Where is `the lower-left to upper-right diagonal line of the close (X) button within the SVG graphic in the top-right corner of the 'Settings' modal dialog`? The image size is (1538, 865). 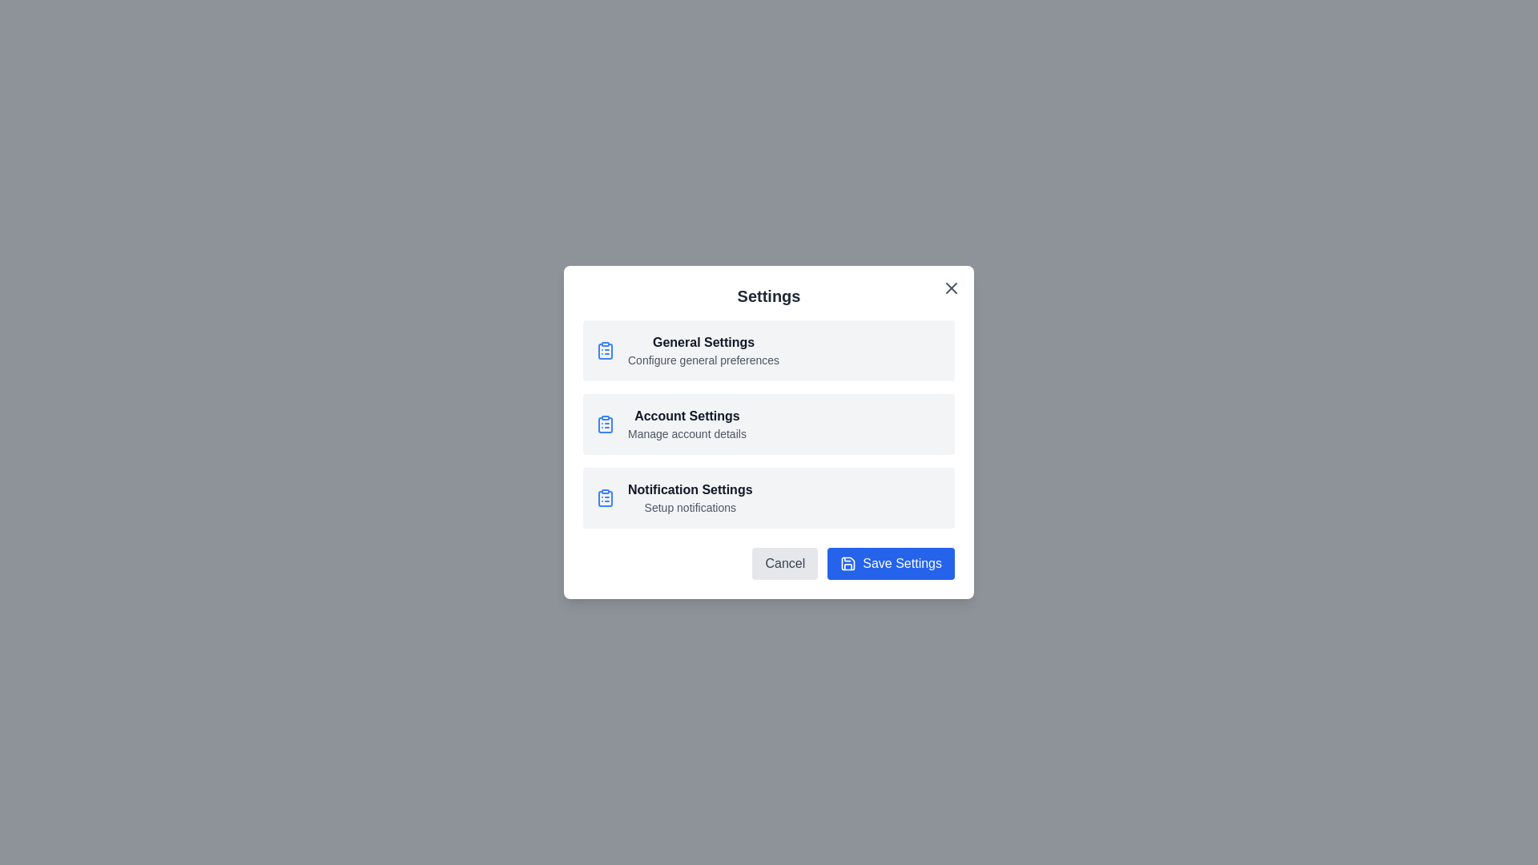 the lower-left to upper-right diagonal line of the close (X) button within the SVG graphic in the top-right corner of the 'Settings' modal dialog is located at coordinates (952, 287).